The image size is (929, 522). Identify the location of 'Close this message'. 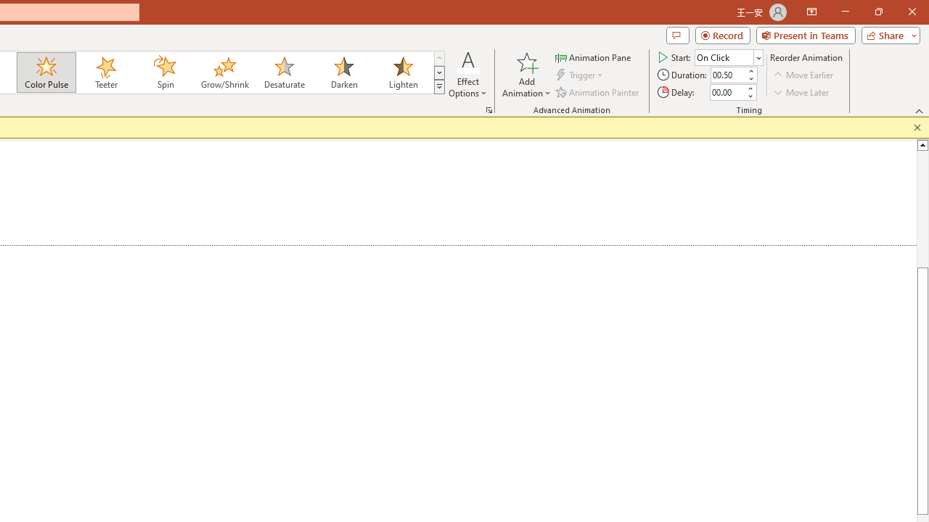
(917, 127).